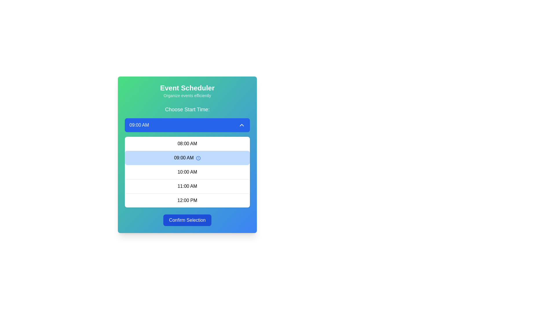 The image size is (556, 313). Describe the element at coordinates (139, 125) in the screenshot. I see `the Text display element that shows the currently selected time within the dropdown menu, located centrally at the top of the dropdown interface` at that location.